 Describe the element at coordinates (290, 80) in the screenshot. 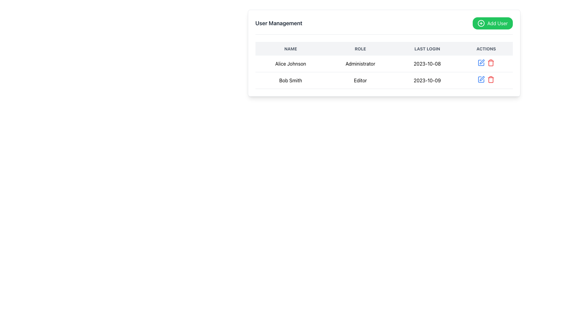

I see `the text 'Bob Smith' displayed in the second row of the table under the 'NAME' column, which is part of a grid displaying user information` at that location.